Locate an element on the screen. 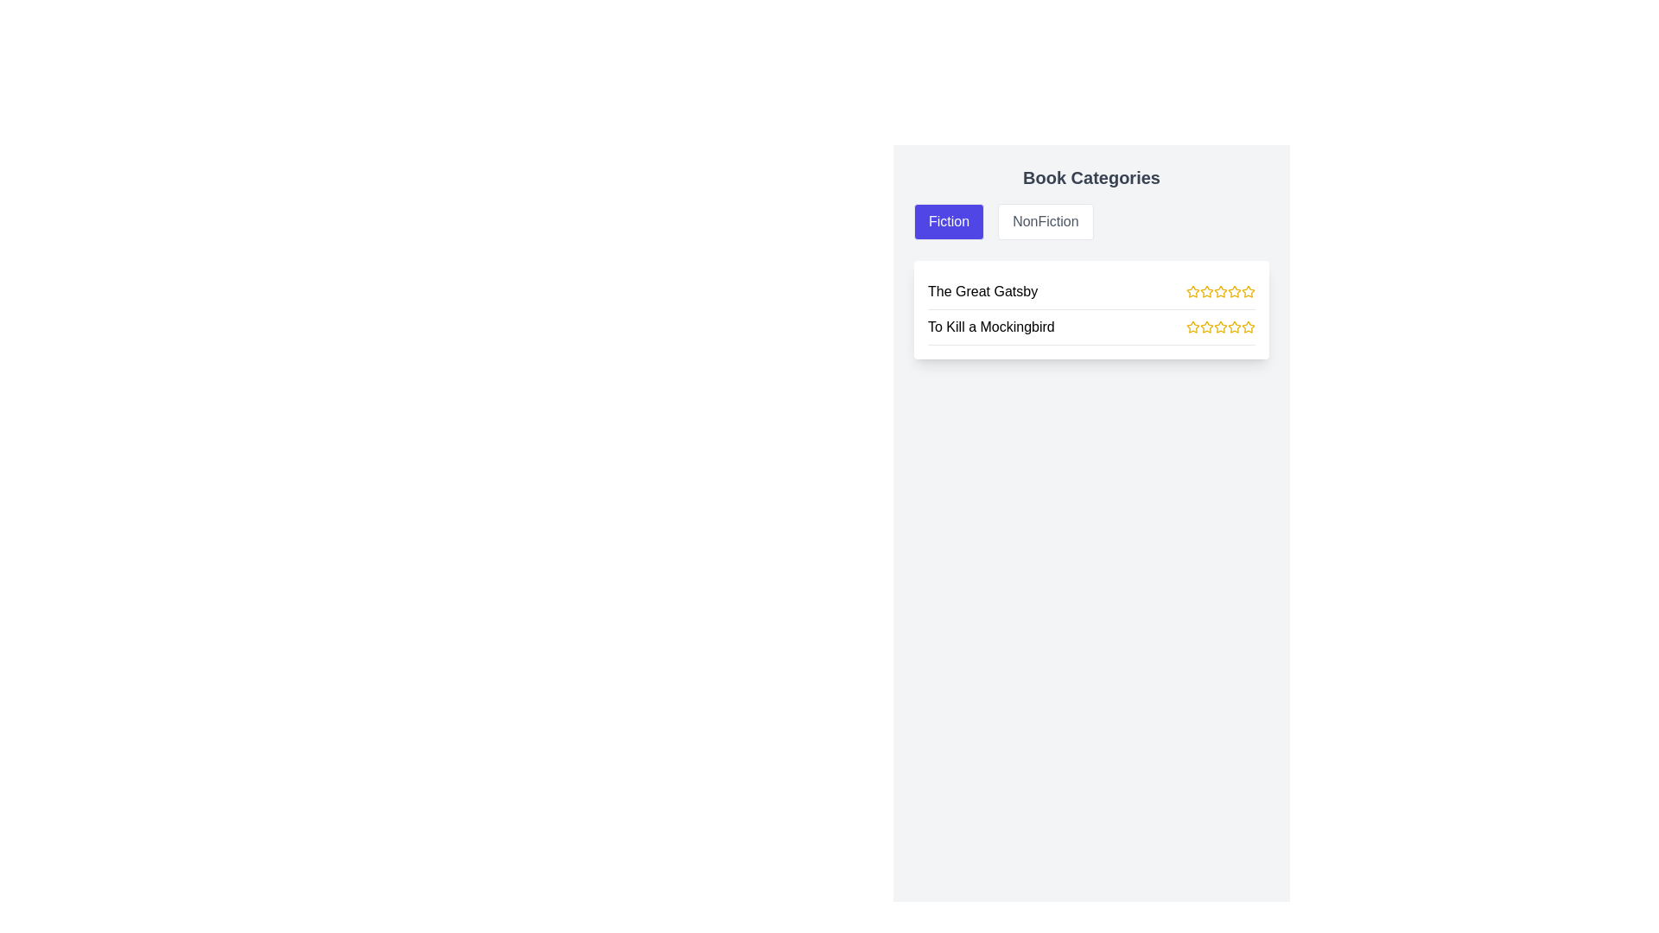  the fifth star icon in the rating system for 'To Kill a Mockingbird' is located at coordinates (1248, 327).